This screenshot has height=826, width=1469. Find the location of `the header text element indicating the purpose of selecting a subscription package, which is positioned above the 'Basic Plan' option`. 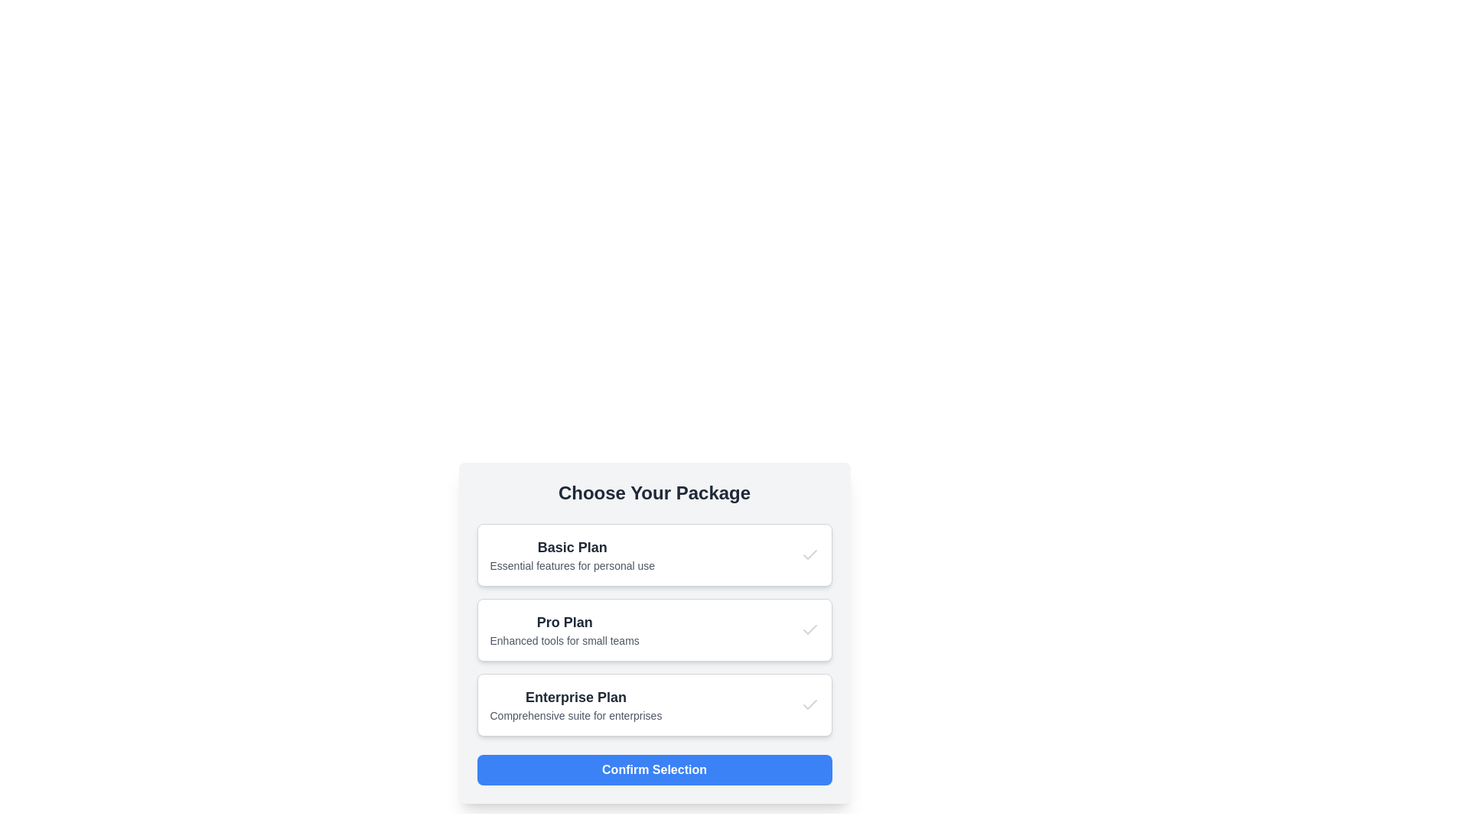

the header text element indicating the purpose of selecting a subscription package, which is positioned above the 'Basic Plan' option is located at coordinates (654, 493).